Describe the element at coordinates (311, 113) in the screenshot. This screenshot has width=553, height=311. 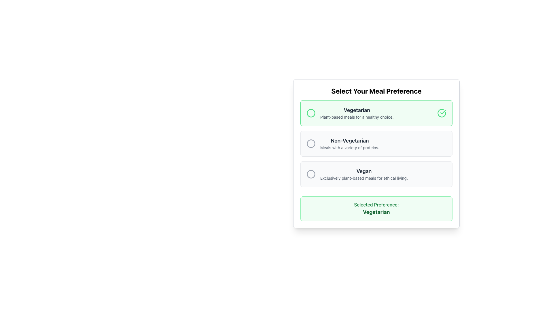
I see `the SVG Circle that indicates the active selection for the 'Vegetarian' meal preference in the checkbox area` at that location.